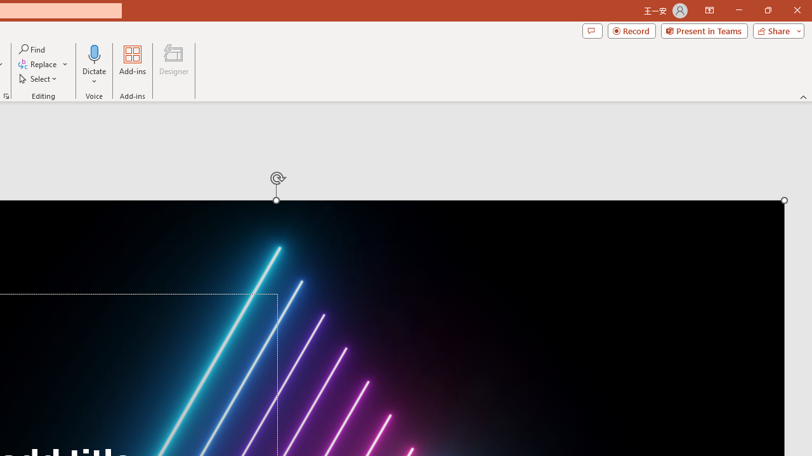  I want to click on 'Format Object...', so click(6, 95).